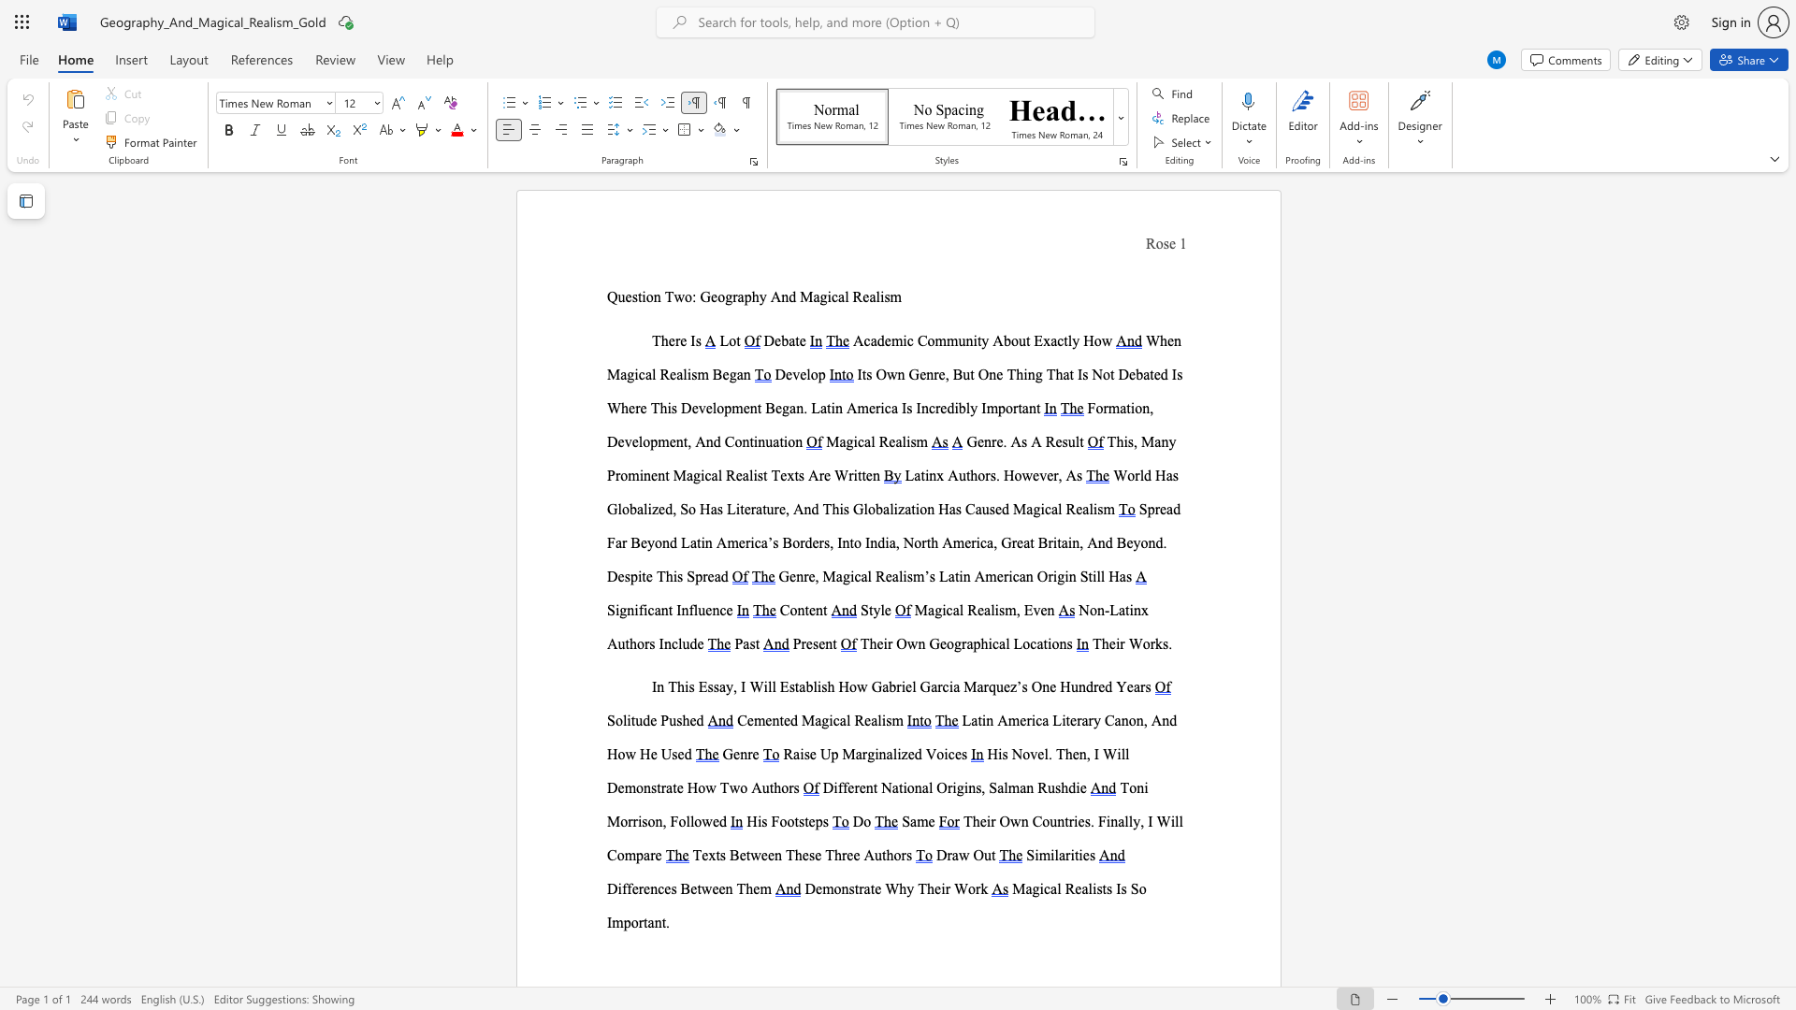  I want to click on the subset text "inx Authors. Ho" within the text "Latinx Authors. However, As", so click(924, 474).